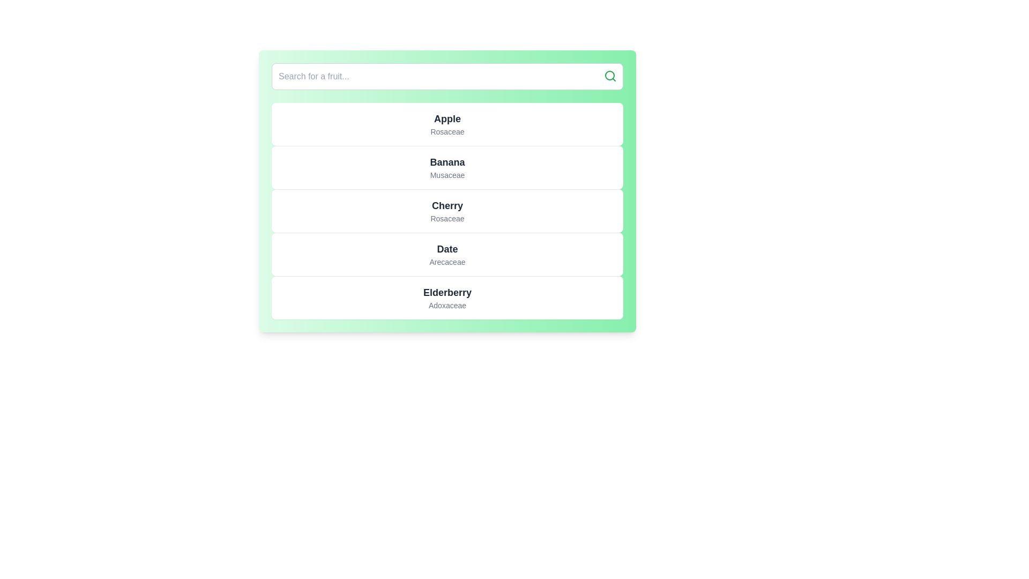 Image resolution: width=1029 pixels, height=579 pixels. What do you see at coordinates (448, 167) in the screenshot?
I see `the second list item styled with a white background, rounded corners, and shadow effect, which contains the text 'Banana' in bold and 'Musaceae' in smaller gray font` at bounding box center [448, 167].